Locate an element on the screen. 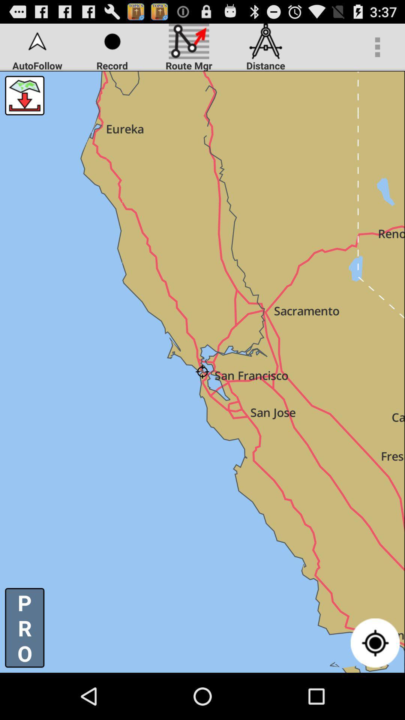 The height and width of the screenshot is (720, 405). the icon at the bottom right corner is located at coordinates (375, 642).